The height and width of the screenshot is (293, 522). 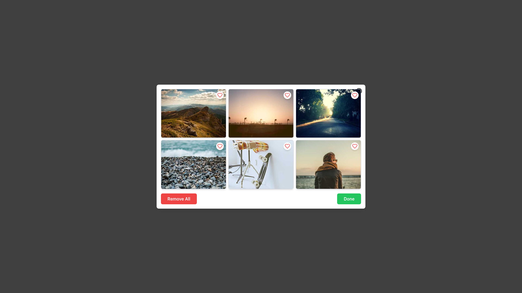 I want to click on the serene road scene image located in the upper-right corner of the grid layout to initiate an action based on its selection, so click(x=328, y=113).